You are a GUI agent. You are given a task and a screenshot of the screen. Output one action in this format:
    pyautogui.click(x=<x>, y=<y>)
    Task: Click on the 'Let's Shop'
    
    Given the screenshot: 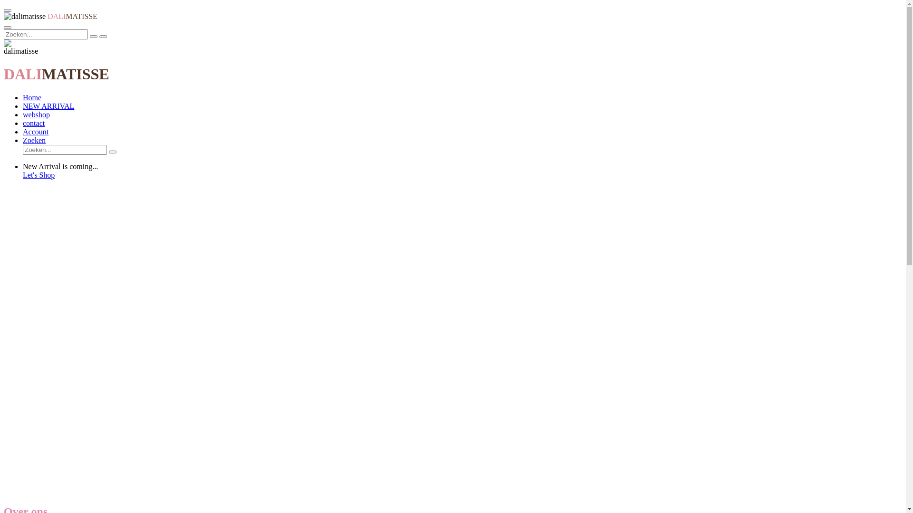 What is the action you would take?
    pyautogui.click(x=462, y=175)
    